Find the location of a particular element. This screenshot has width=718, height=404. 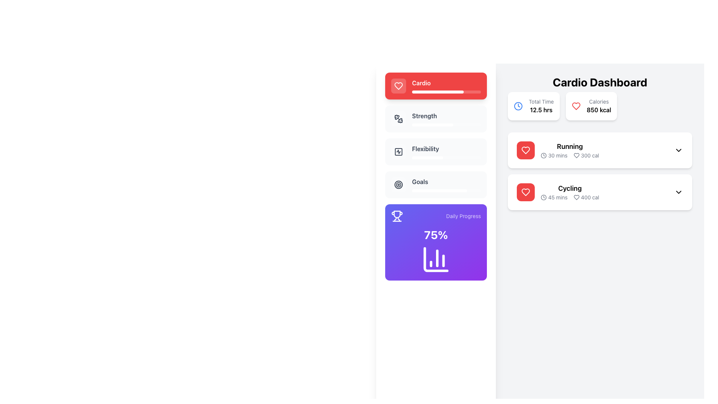

the non-interactive text element displaying the calorie count for the cycling activity located in the bottom card labeled 'Cycling' in the 'Cardio Dashboard' section is located at coordinates (586, 197).